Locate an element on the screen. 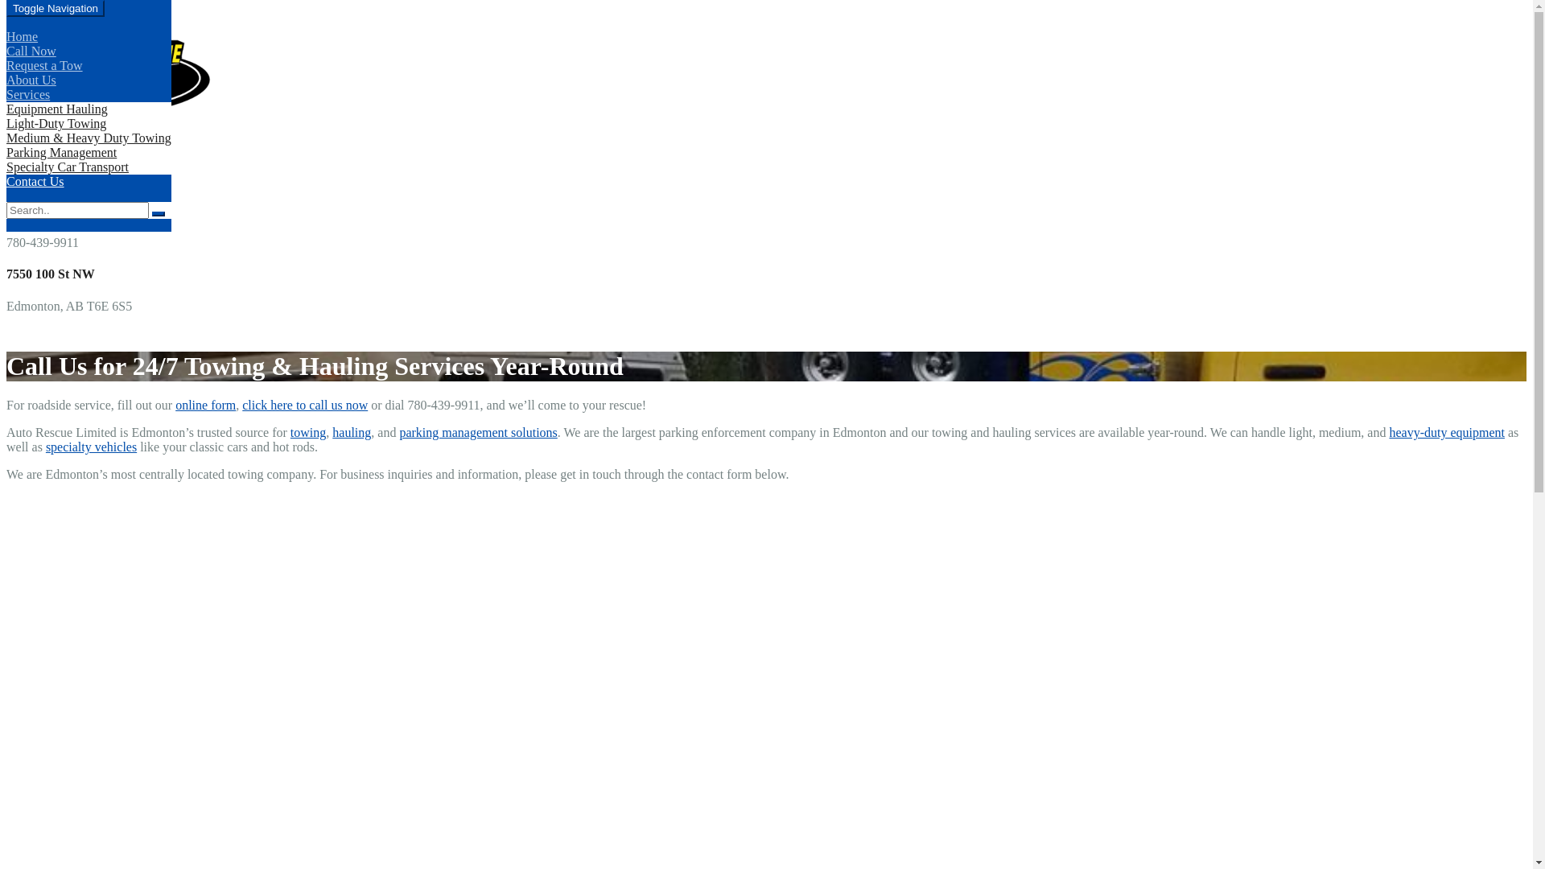 Image resolution: width=1545 pixels, height=869 pixels. 'About Us' is located at coordinates (31, 80).